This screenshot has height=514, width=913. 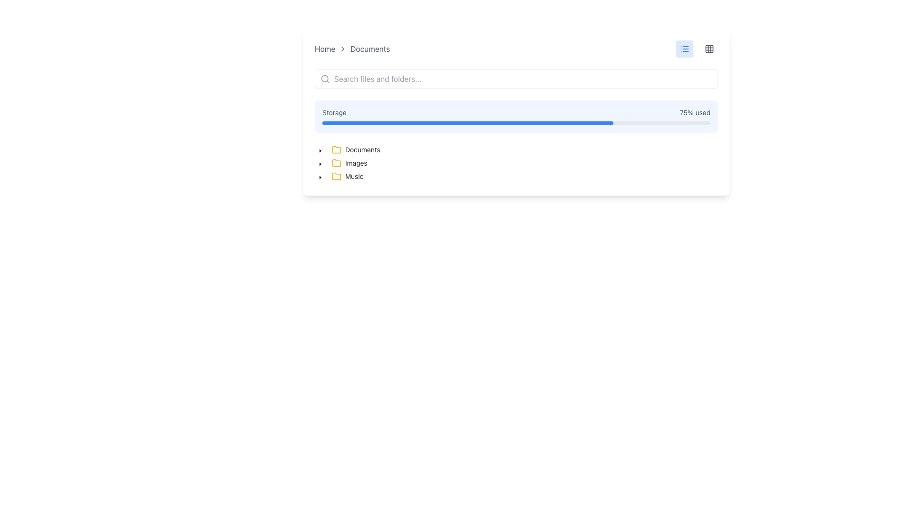 I want to click on the 'Music' folder UI element, which is represented by a yellow folder icon and is the third folder under the 'Documents' section, so click(x=347, y=176).